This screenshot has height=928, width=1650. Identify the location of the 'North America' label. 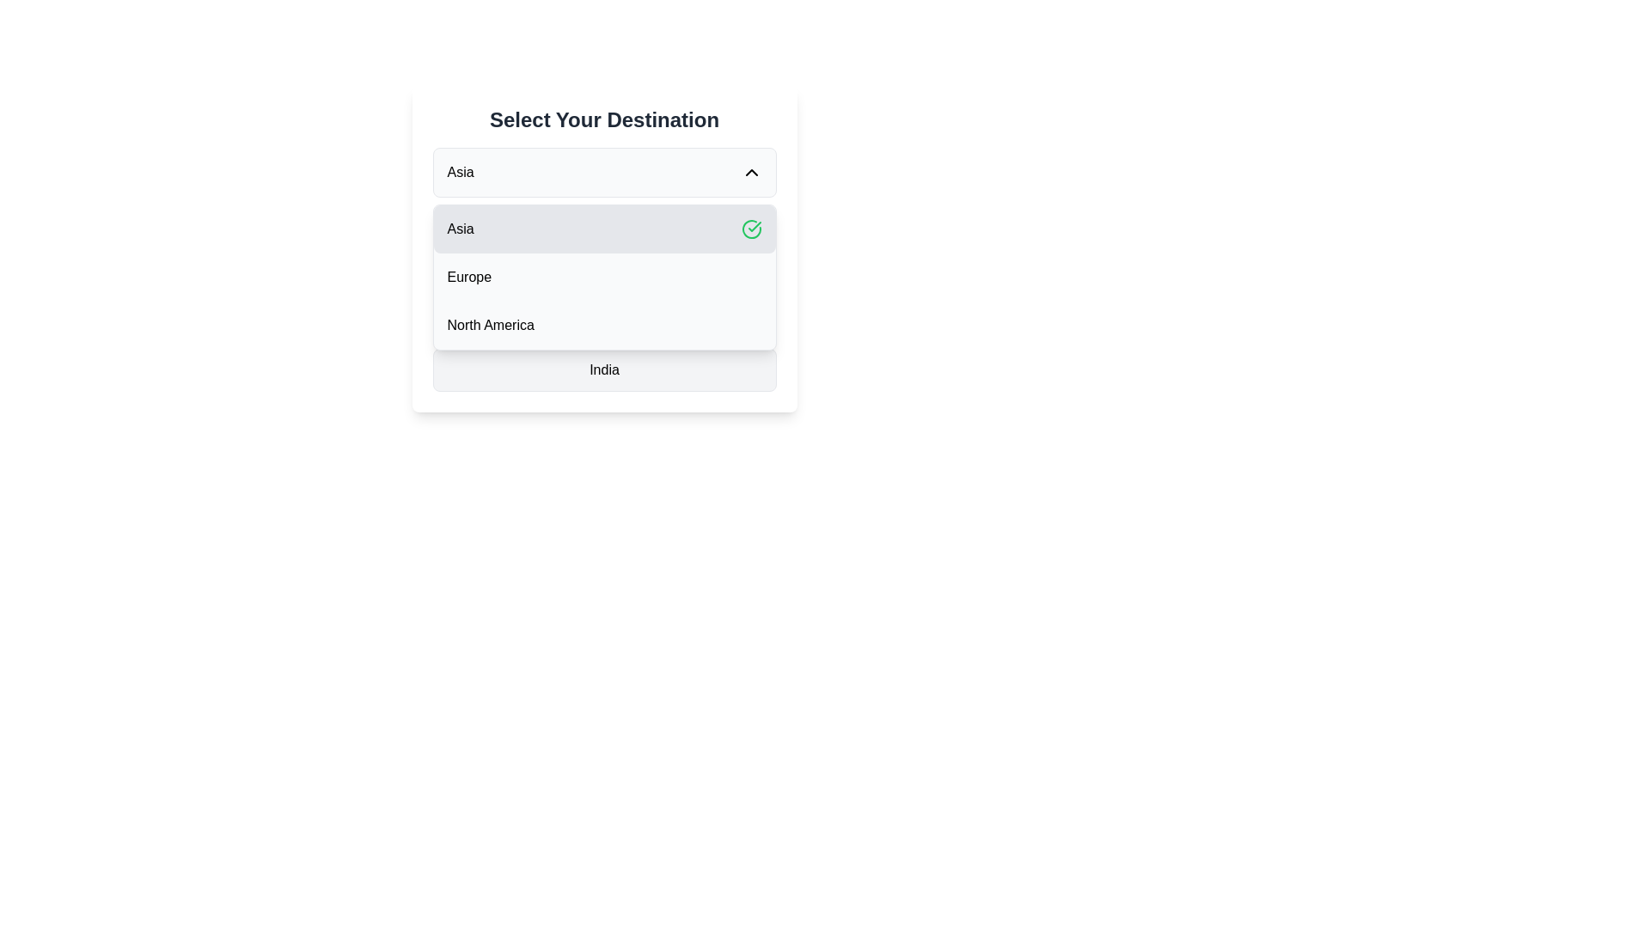
(490, 325).